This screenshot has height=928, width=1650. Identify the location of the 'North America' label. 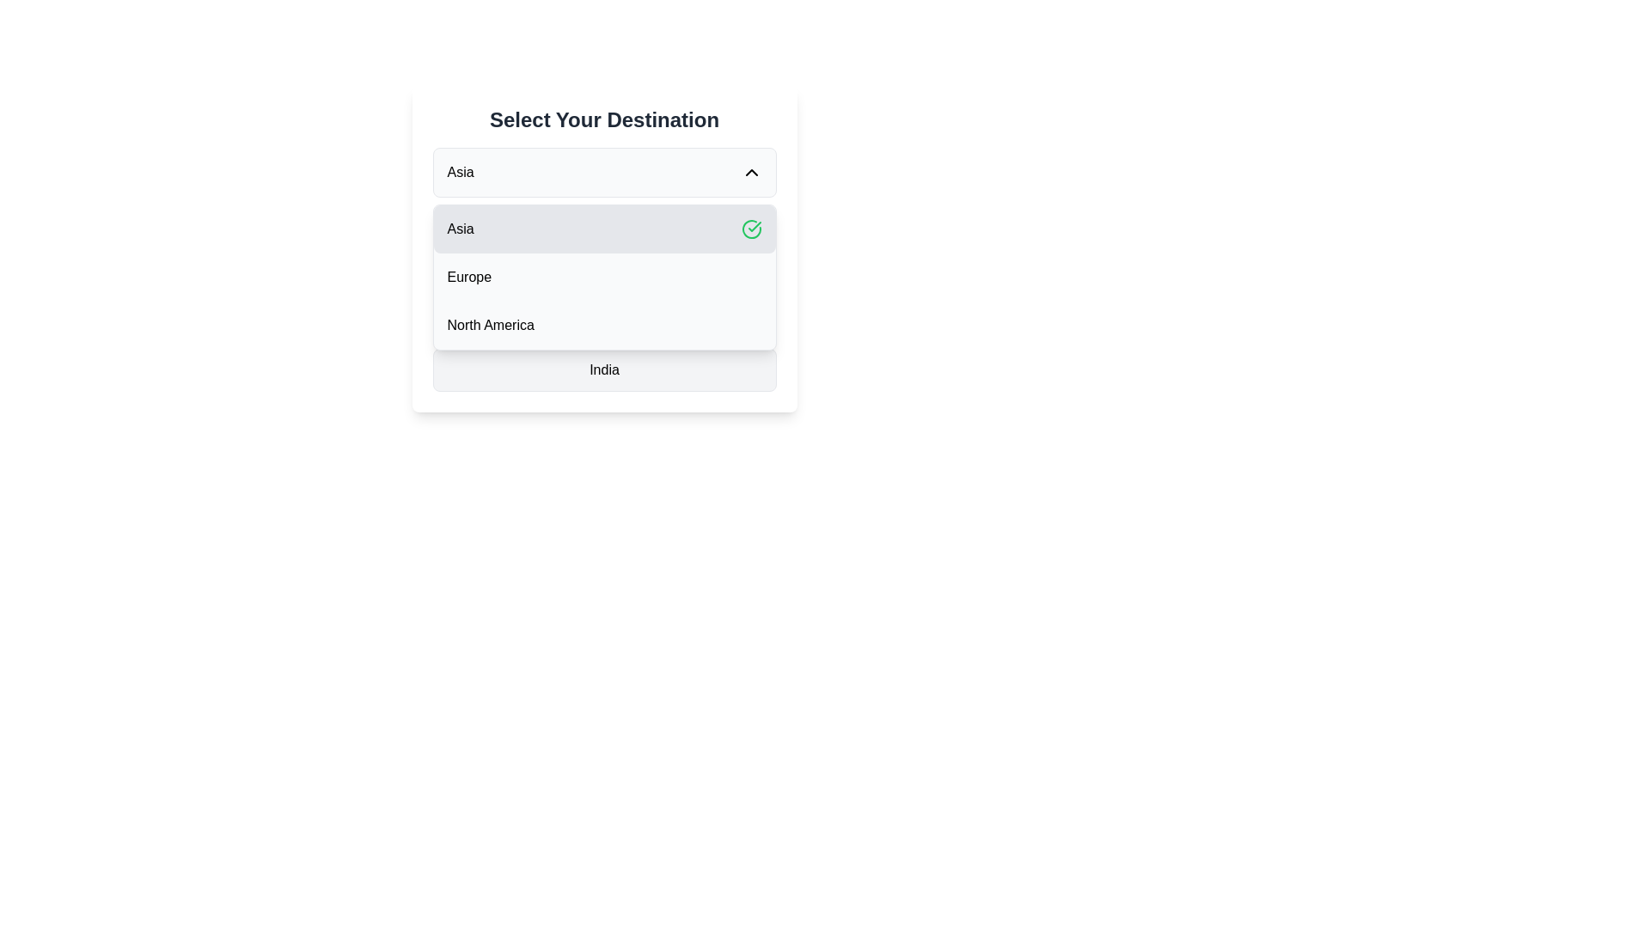
(490, 325).